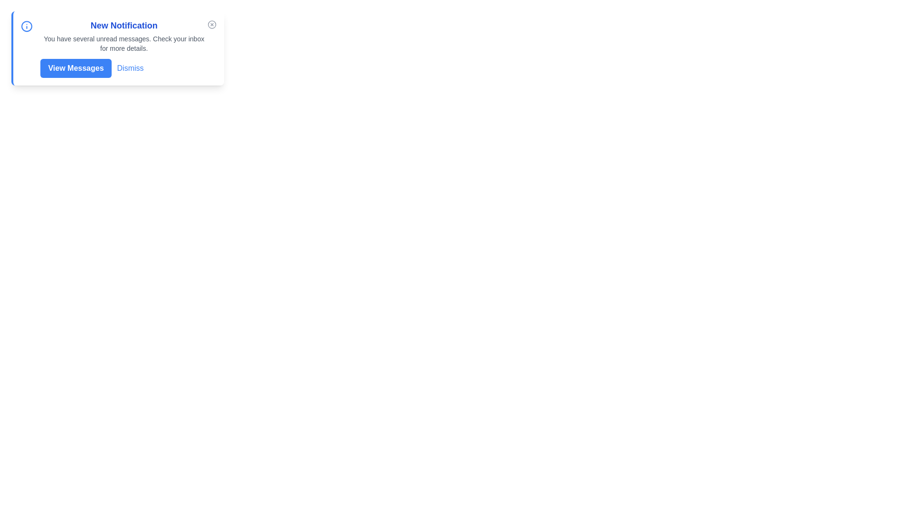 The width and height of the screenshot is (912, 513). What do you see at coordinates (27, 26) in the screenshot?
I see `the central circular graphic element within the information icon located at the top left corner of the notification card` at bounding box center [27, 26].